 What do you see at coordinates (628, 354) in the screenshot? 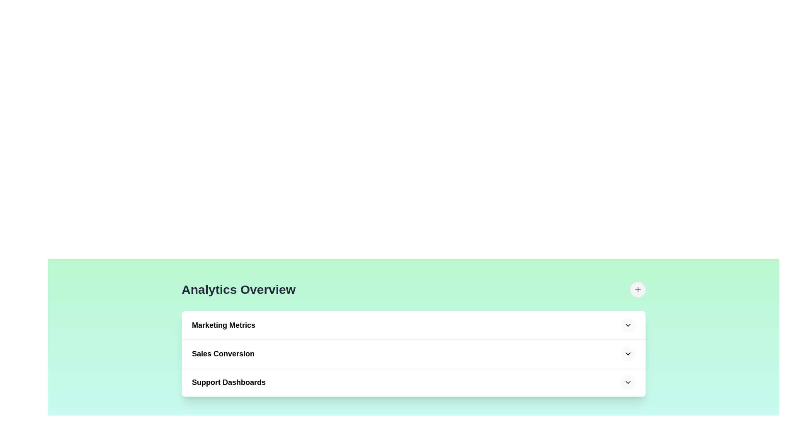
I see `the state of the downward-pointing arrow icon within the button located in the 'Support Dashboards' section, which is aligned to the right of 'Sales Conversion' in the second row, for interaction cues` at bounding box center [628, 354].